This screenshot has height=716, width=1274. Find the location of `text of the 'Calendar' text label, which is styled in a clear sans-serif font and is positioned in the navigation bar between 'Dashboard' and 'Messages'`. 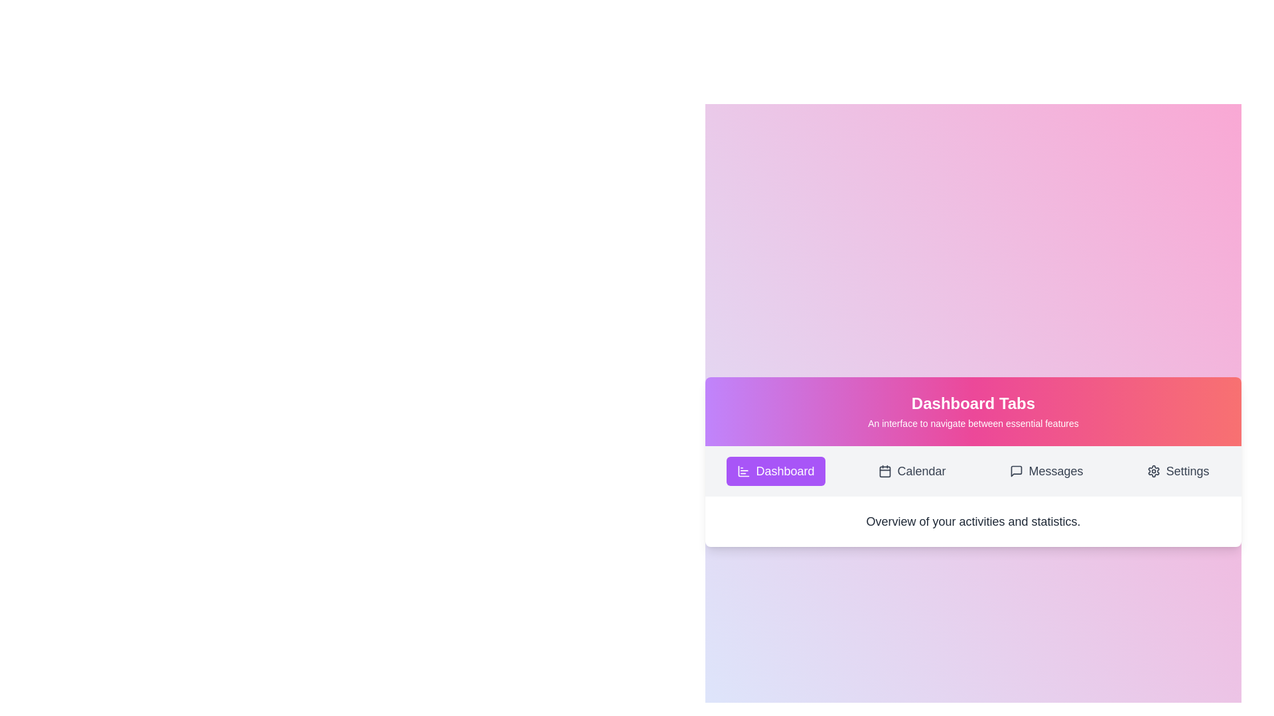

text of the 'Calendar' text label, which is styled in a clear sans-serif font and is positioned in the navigation bar between 'Dashboard' and 'Messages' is located at coordinates (920, 470).